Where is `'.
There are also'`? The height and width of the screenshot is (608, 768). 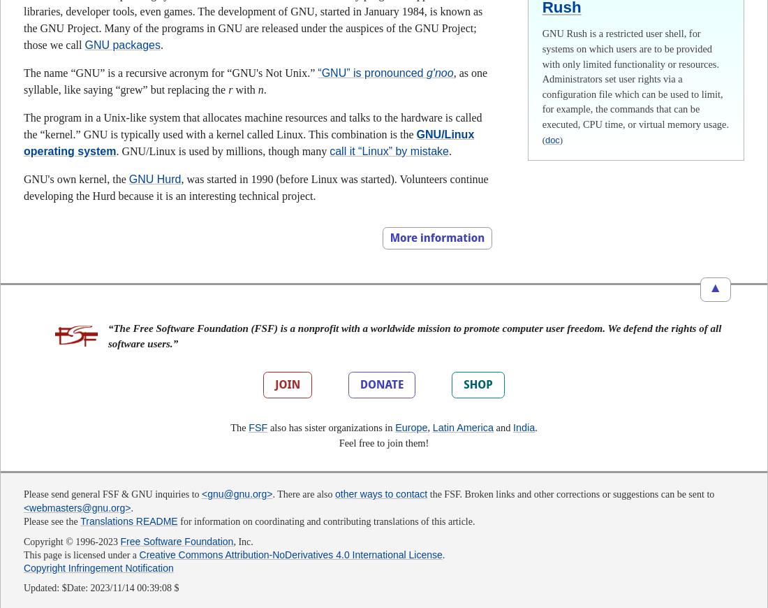
'.
There are also' is located at coordinates (302, 494).